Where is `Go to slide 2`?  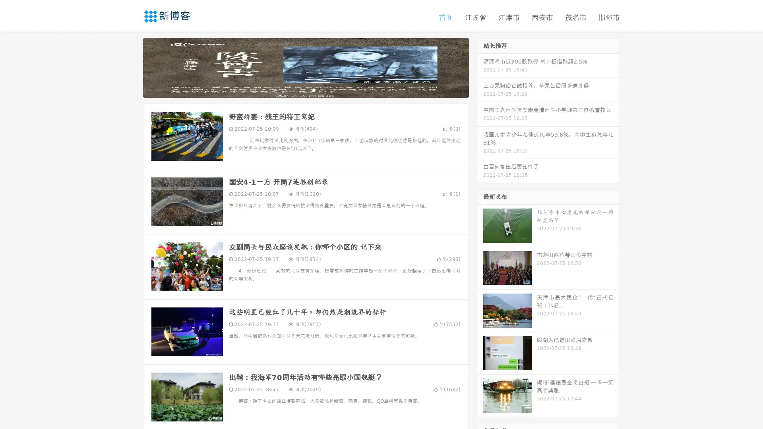 Go to slide 2 is located at coordinates (305, 89).